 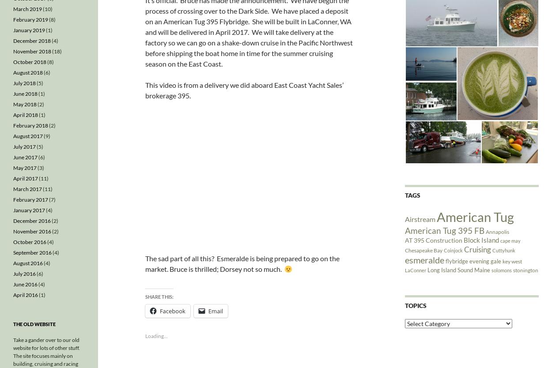 I want to click on 'Topics', so click(x=415, y=304).